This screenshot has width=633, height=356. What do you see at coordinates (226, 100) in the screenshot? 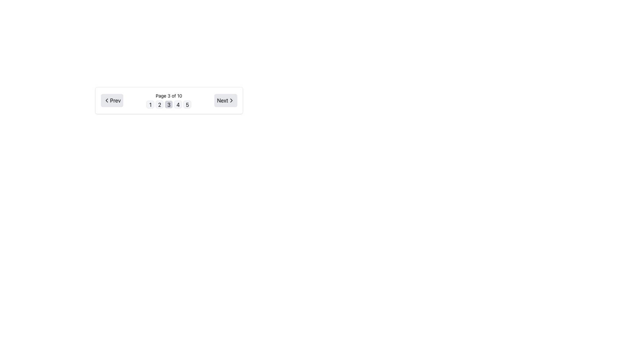
I see `the 'Next' button with a right-pointing arrow icon` at bounding box center [226, 100].